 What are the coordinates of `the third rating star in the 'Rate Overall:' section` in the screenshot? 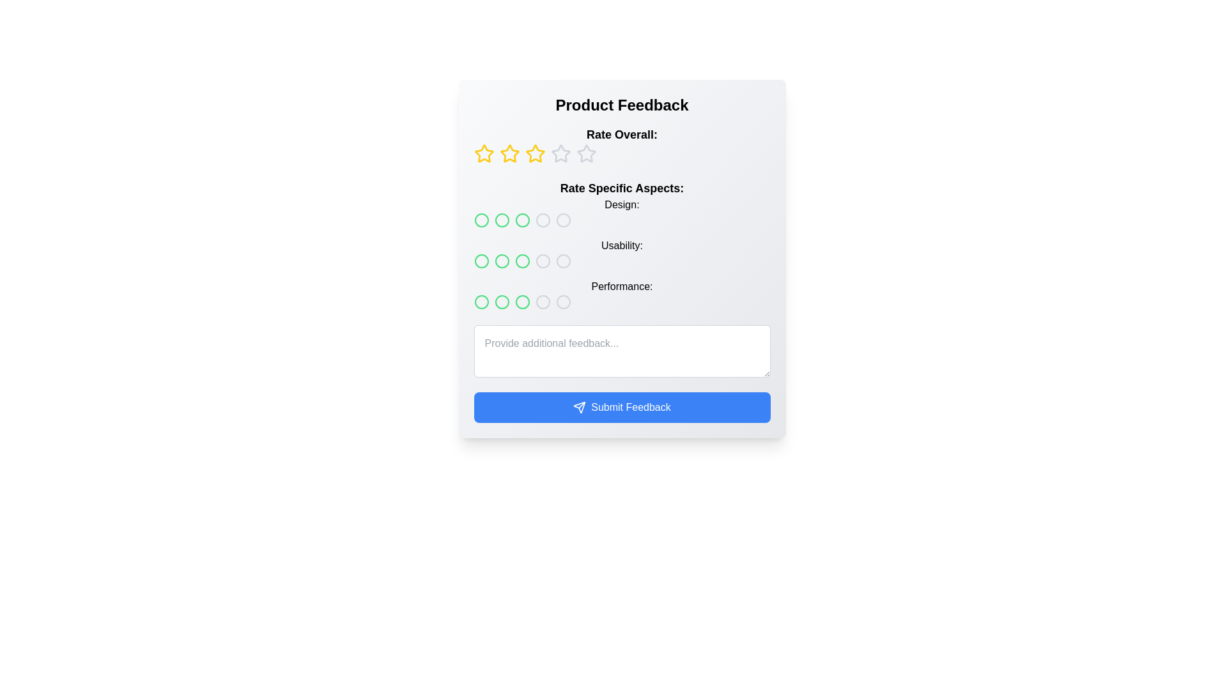 It's located at (622, 153).